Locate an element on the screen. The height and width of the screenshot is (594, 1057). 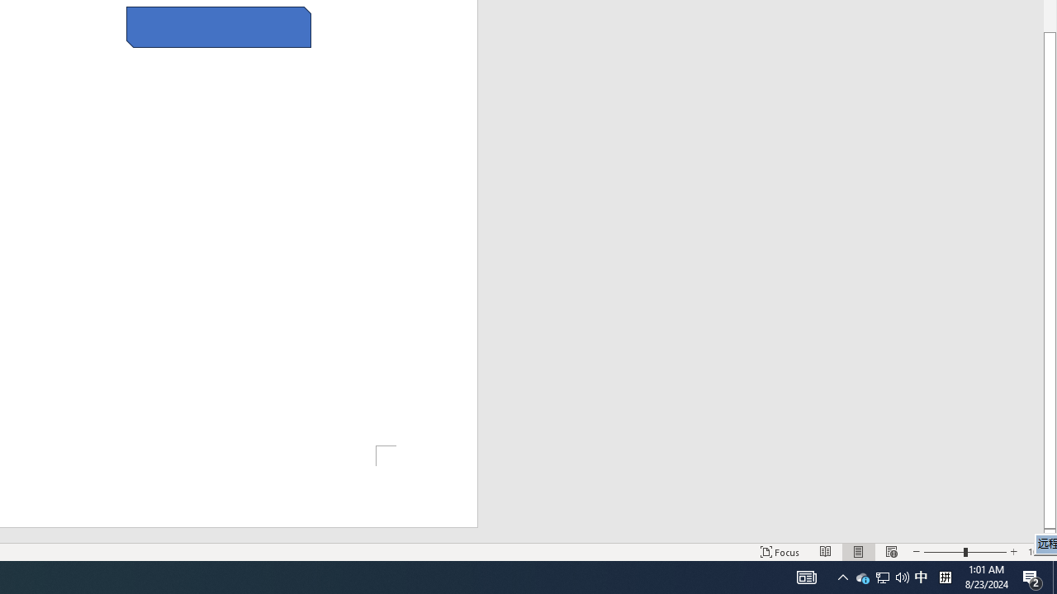
'Rectangle: Diagonal Corners Snipped 2' is located at coordinates (218, 27).